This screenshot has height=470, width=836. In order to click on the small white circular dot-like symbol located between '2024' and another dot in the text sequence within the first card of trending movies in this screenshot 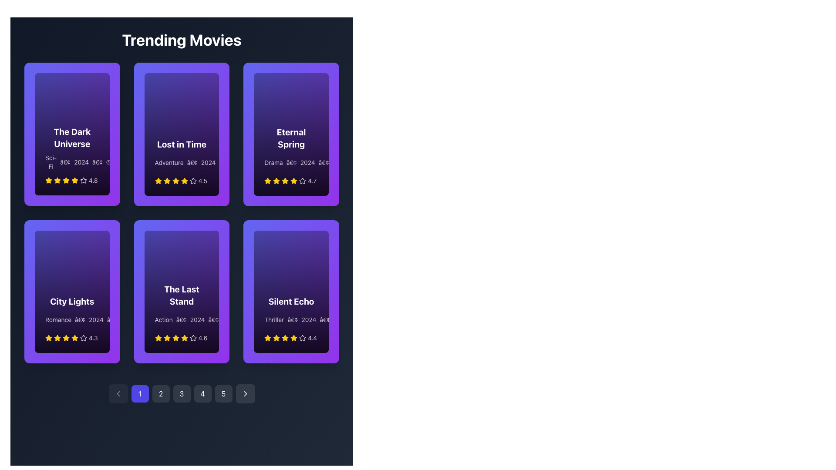, I will do `click(98, 162)`.